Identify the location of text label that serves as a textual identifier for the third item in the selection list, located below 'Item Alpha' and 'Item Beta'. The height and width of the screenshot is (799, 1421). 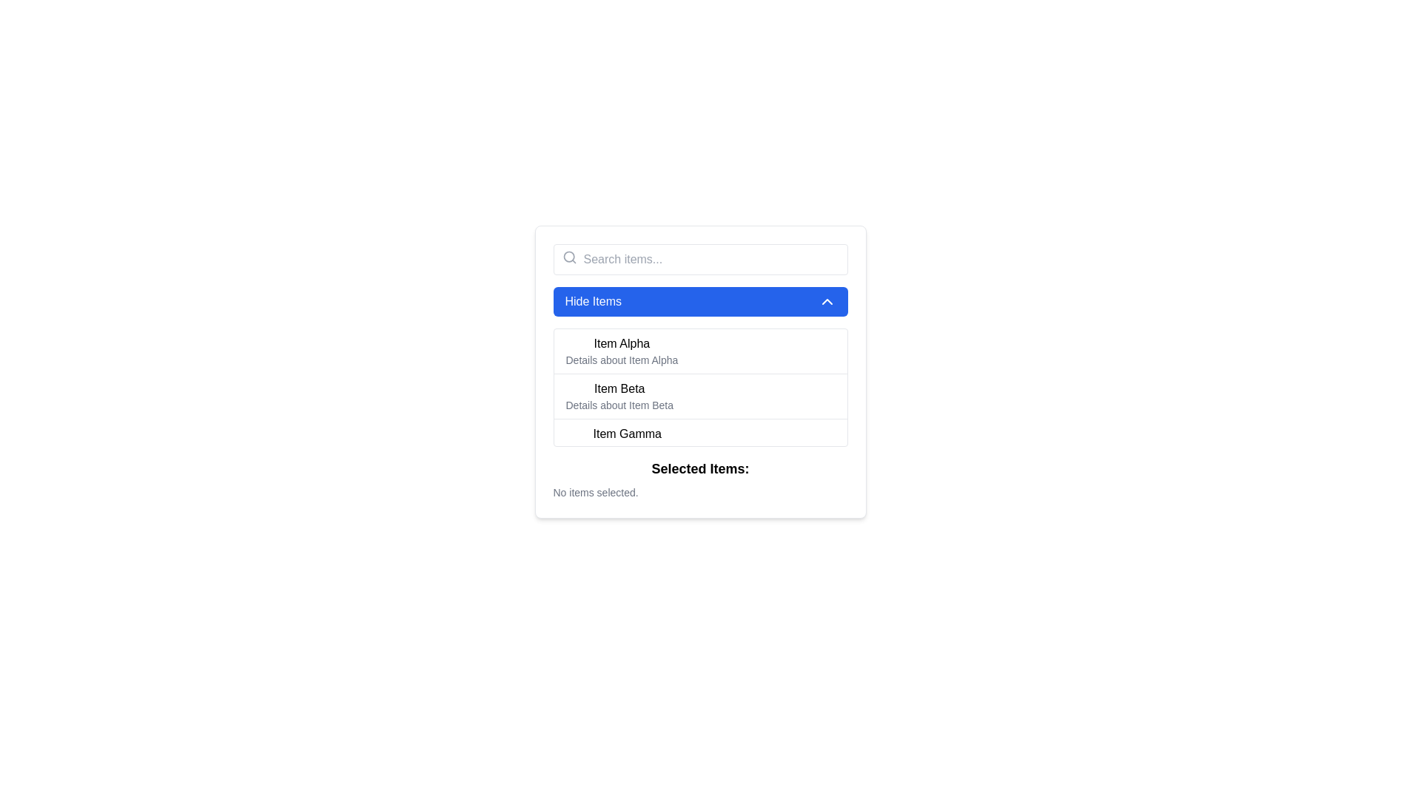
(627, 433).